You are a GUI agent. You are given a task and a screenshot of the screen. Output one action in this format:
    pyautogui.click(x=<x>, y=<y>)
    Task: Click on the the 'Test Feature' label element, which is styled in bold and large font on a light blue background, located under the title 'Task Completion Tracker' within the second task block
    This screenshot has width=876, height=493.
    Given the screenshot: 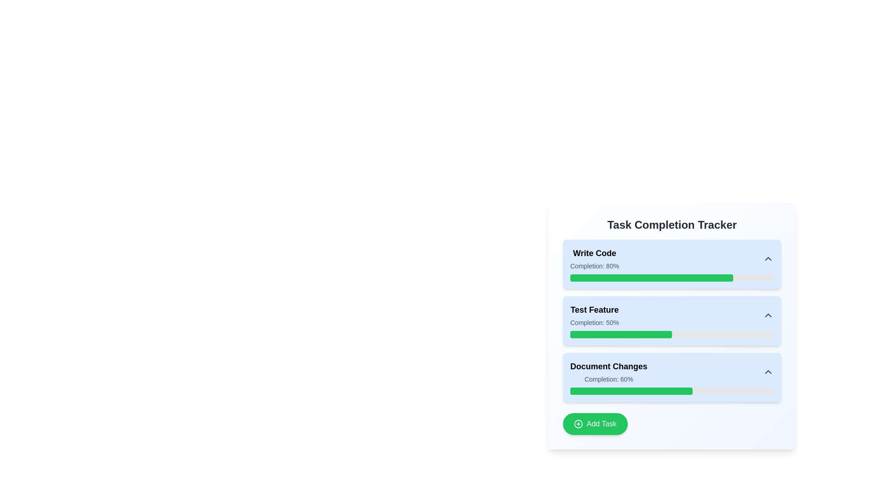 What is the action you would take?
    pyautogui.click(x=594, y=309)
    